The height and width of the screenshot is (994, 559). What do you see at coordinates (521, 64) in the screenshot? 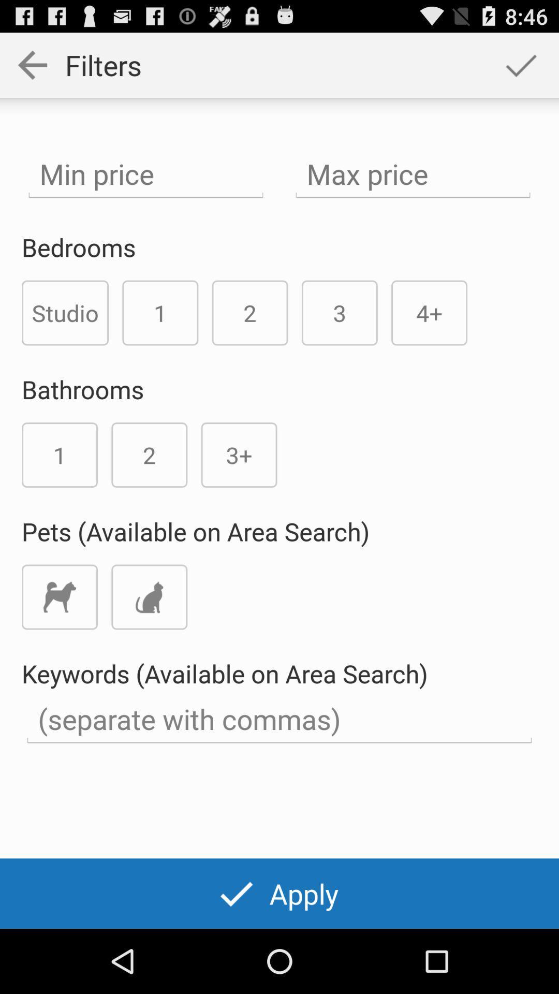
I see `the item next to filters icon` at bounding box center [521, 64].